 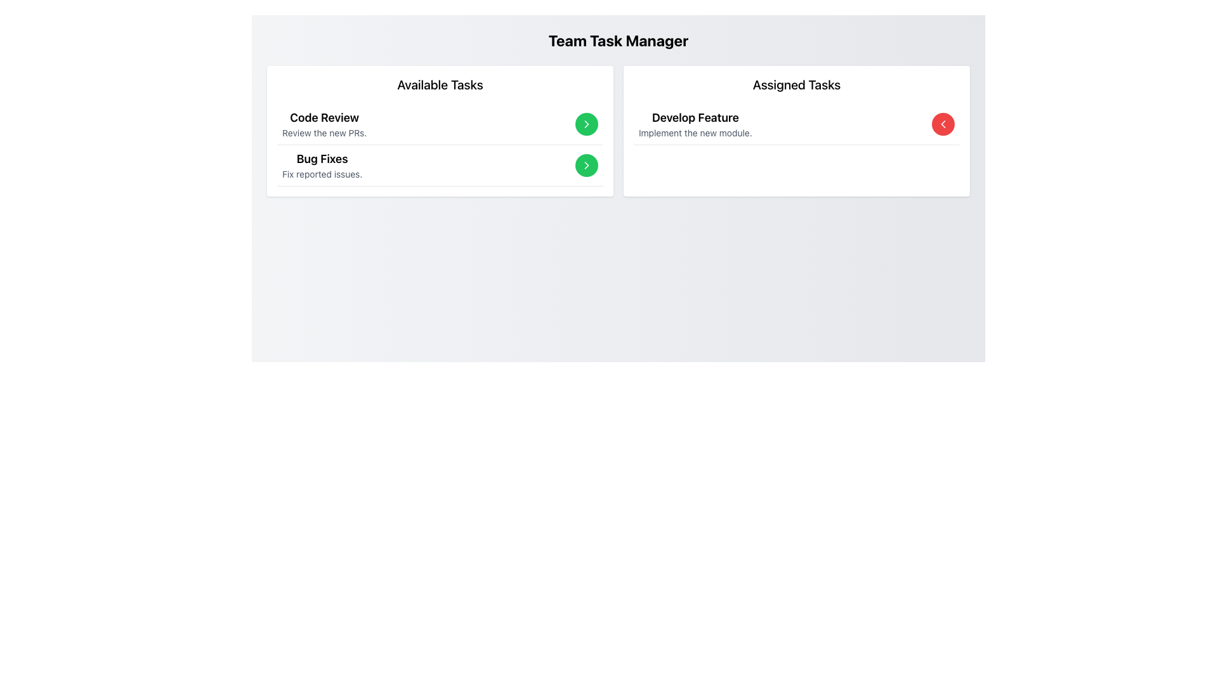 What do you see at coordinates (324, 133) in the screenshot?
I see `the text label reading 'Review the new PRs.' which is styled in gray and appears below the title 'Code Review' in the 'Available Tasks' section` at bounding box center [324, 133].